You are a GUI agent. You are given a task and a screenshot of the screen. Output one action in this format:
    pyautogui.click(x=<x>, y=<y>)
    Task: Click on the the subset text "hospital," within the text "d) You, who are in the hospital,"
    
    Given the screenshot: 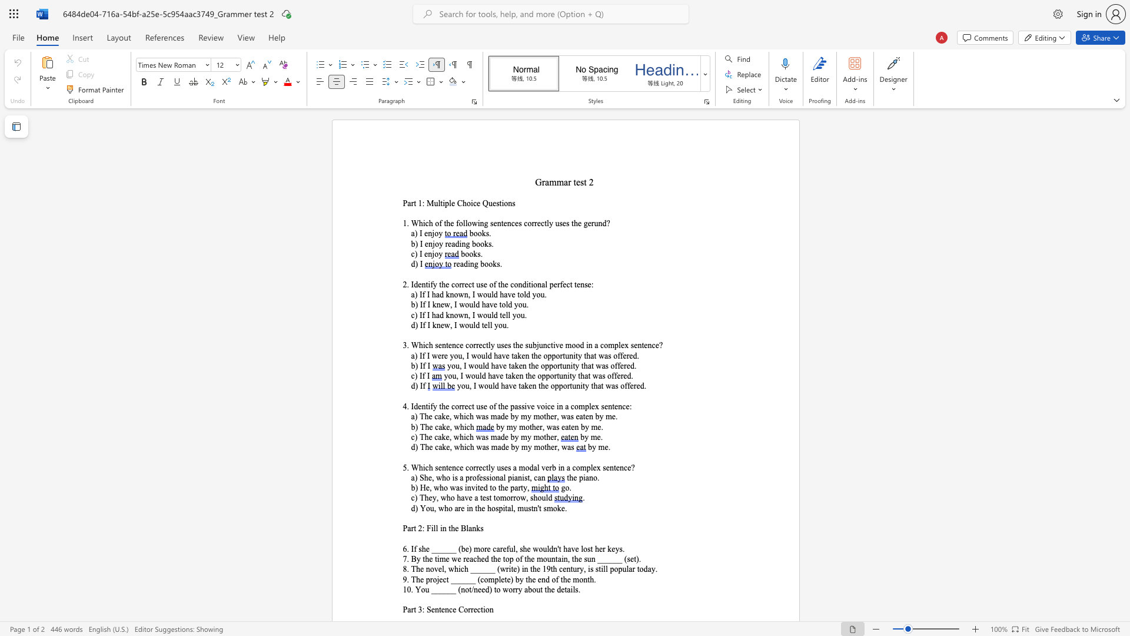 What is the action you would take?
    pyautogui.click(x=487, y=508)
    